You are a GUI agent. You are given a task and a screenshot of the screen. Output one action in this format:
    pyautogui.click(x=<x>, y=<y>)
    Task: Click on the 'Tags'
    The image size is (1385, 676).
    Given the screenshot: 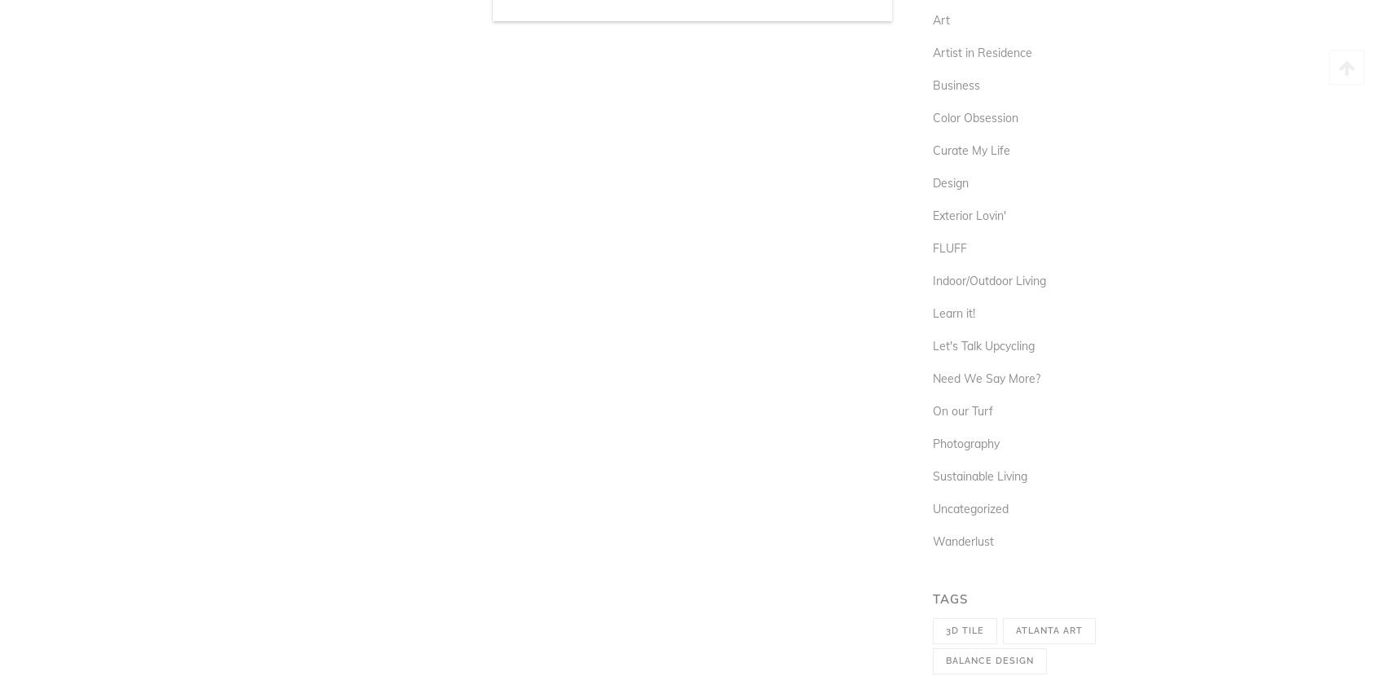 What is the action you would take?
    pyautogui.click(x=932, y=598)
    